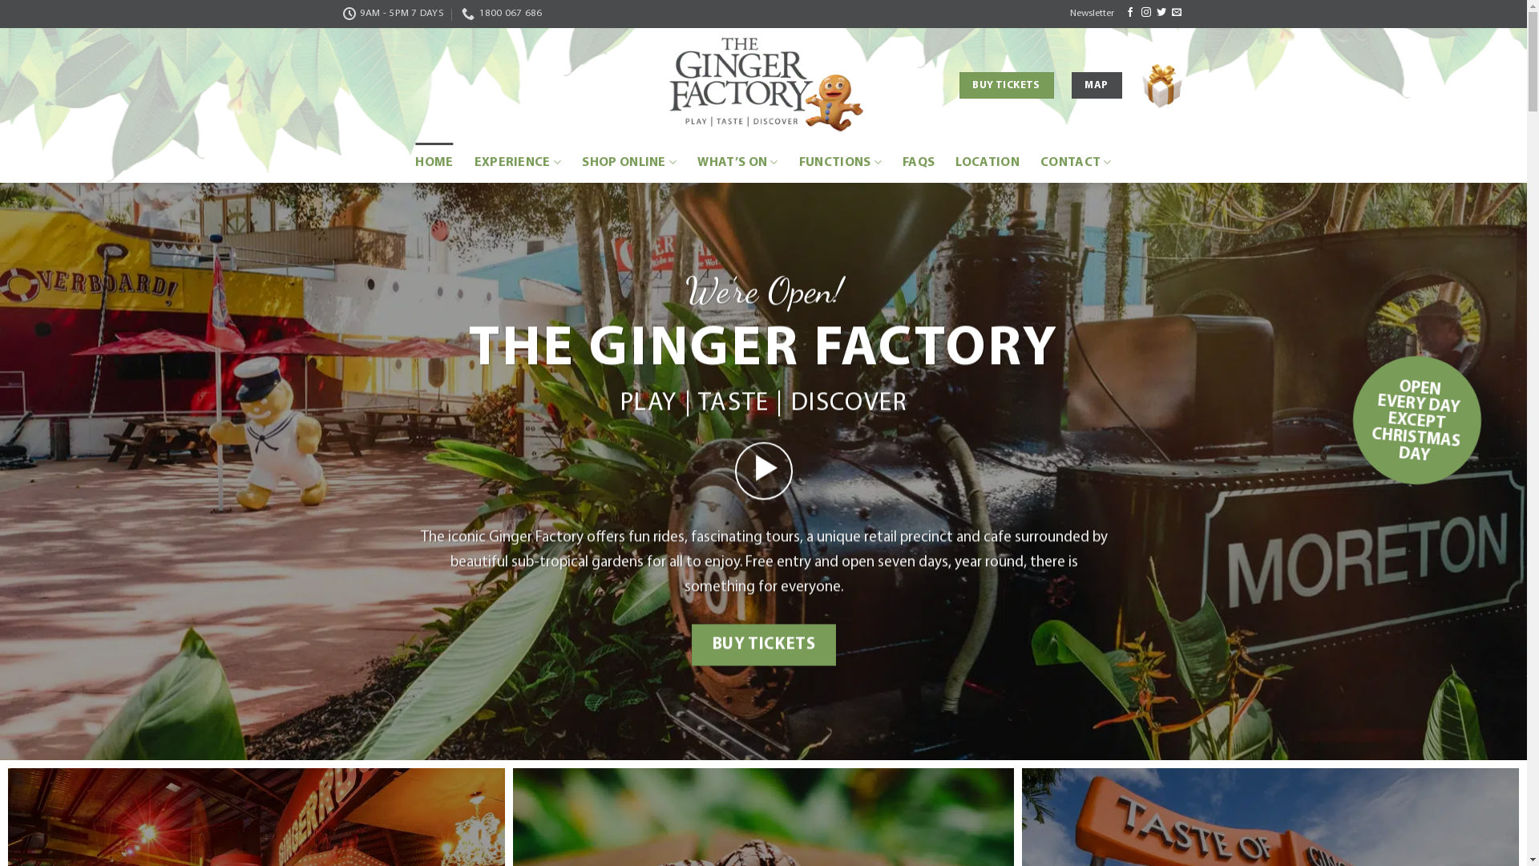  Describe the element at coordinates (903, 163) in the screenshot. I see `'FAQS'` at that location.